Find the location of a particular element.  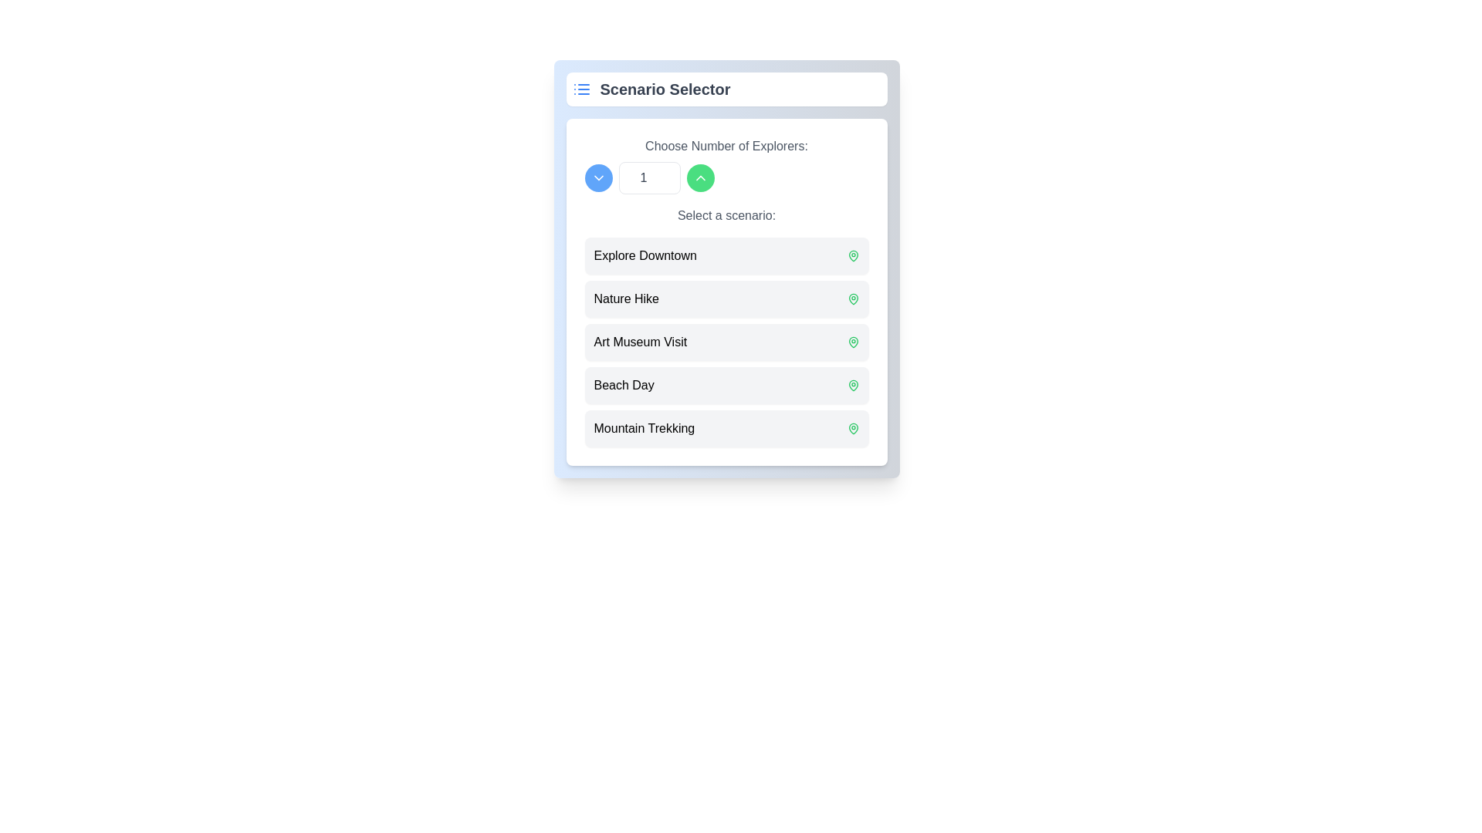

to select the 'Nature Hike' scenario from the second item in the vertical list of options, located below 'Explore Downtown' and above 'Art Museum Visit' is located at coordinates (726, 299).